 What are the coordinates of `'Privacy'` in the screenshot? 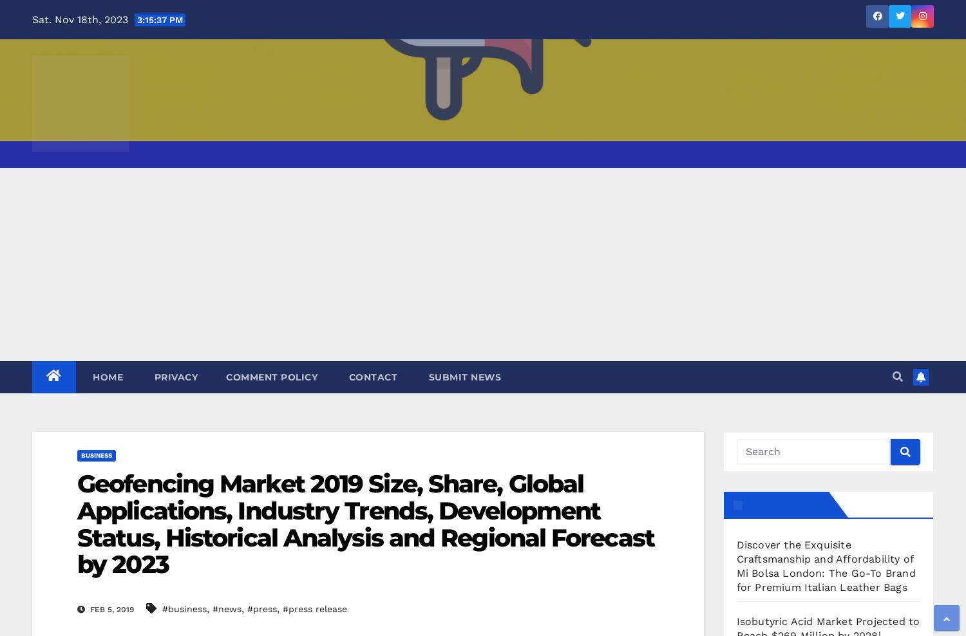 It's located at (175, 377).